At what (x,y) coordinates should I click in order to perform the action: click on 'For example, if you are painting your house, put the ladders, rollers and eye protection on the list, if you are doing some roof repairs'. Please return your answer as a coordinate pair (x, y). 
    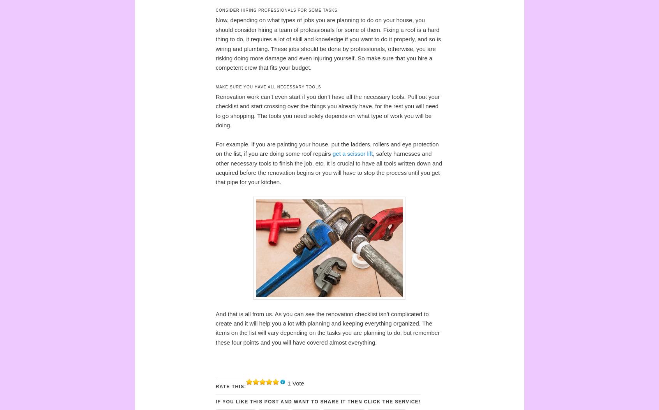
    Looking at the image, I should click on (327, 148).